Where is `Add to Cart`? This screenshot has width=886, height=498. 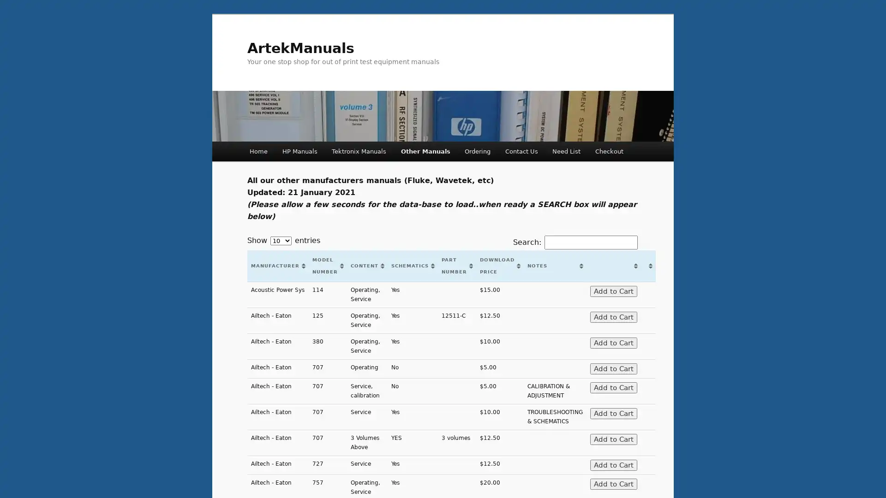
Add to Cart is located at coordinates (613, 483).